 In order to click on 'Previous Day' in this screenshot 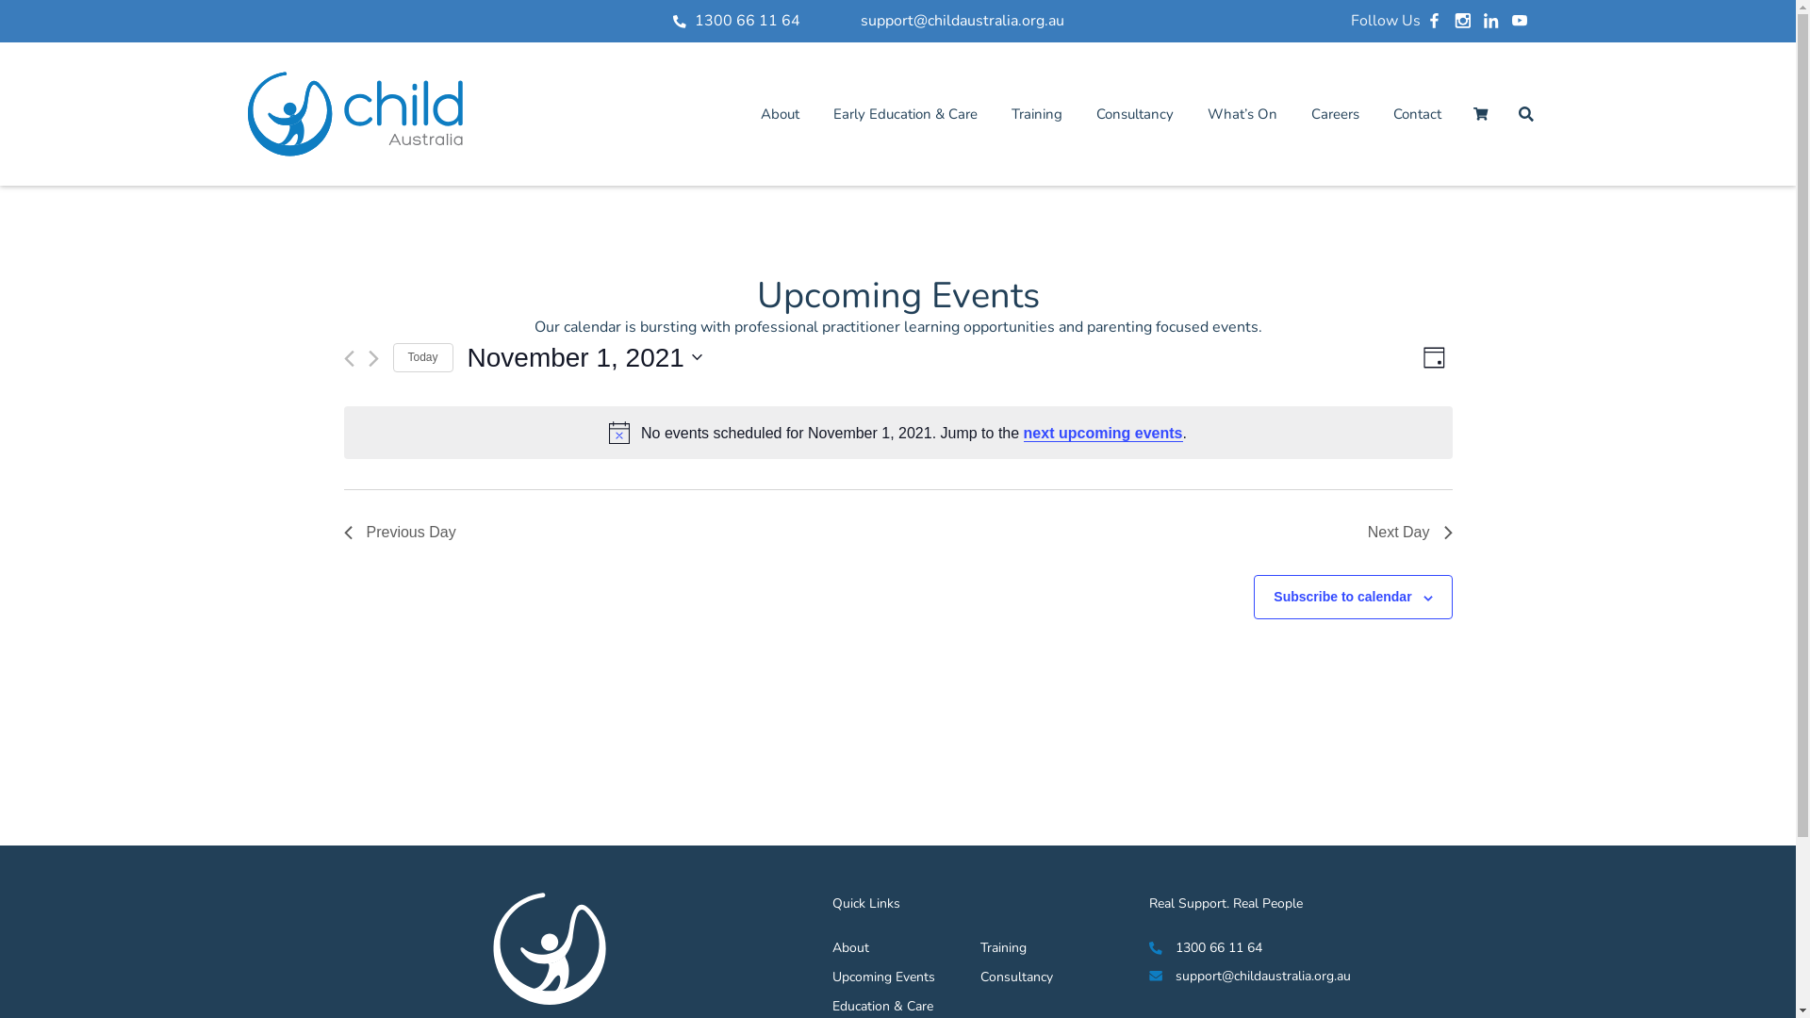, I will do `click(343, 532)`.